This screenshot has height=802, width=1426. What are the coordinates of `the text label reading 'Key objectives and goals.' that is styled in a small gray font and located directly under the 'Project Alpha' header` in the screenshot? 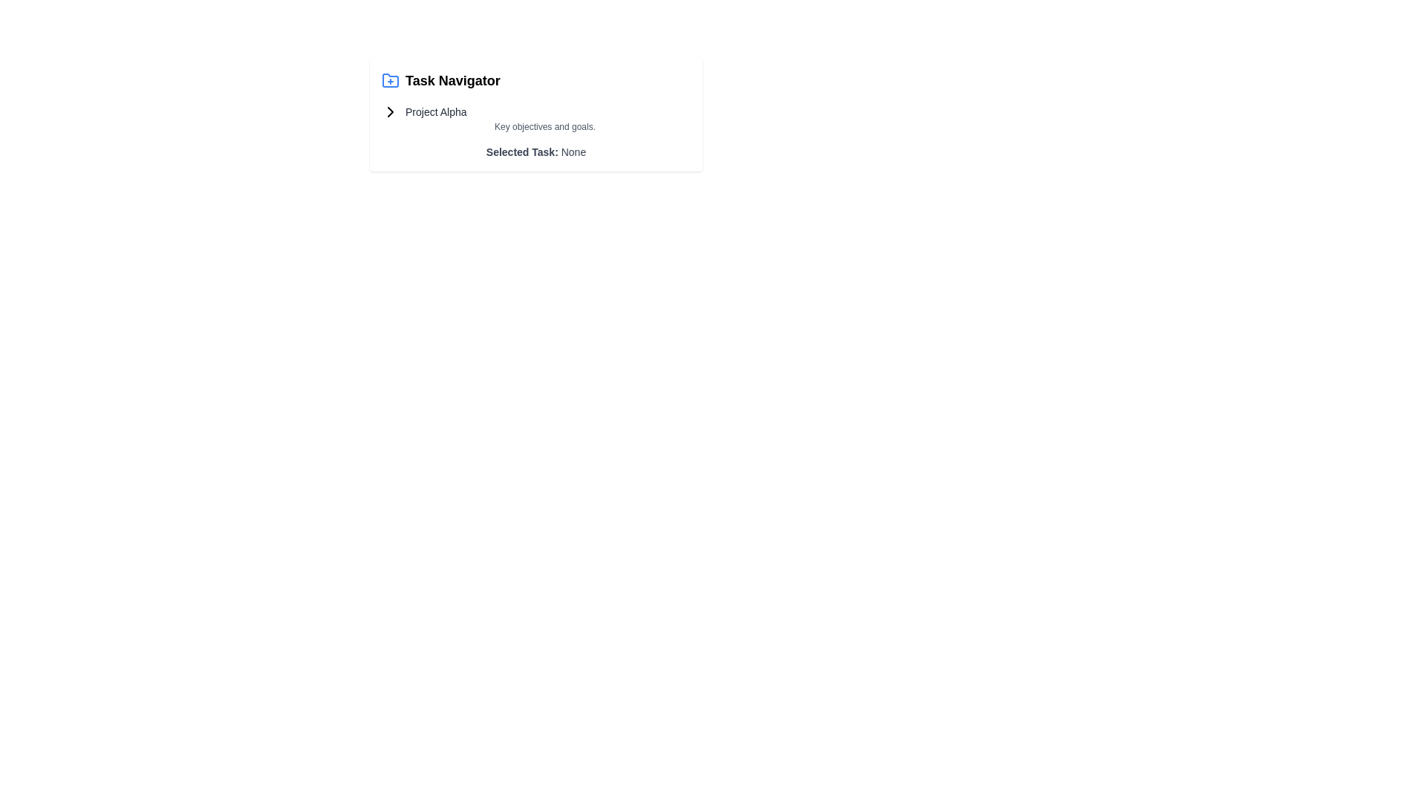 It's located at (544, 125).